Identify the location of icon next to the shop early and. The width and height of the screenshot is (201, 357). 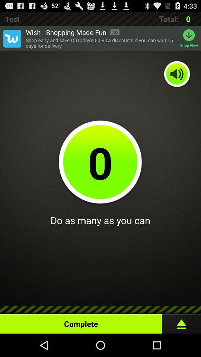
(190, 38).